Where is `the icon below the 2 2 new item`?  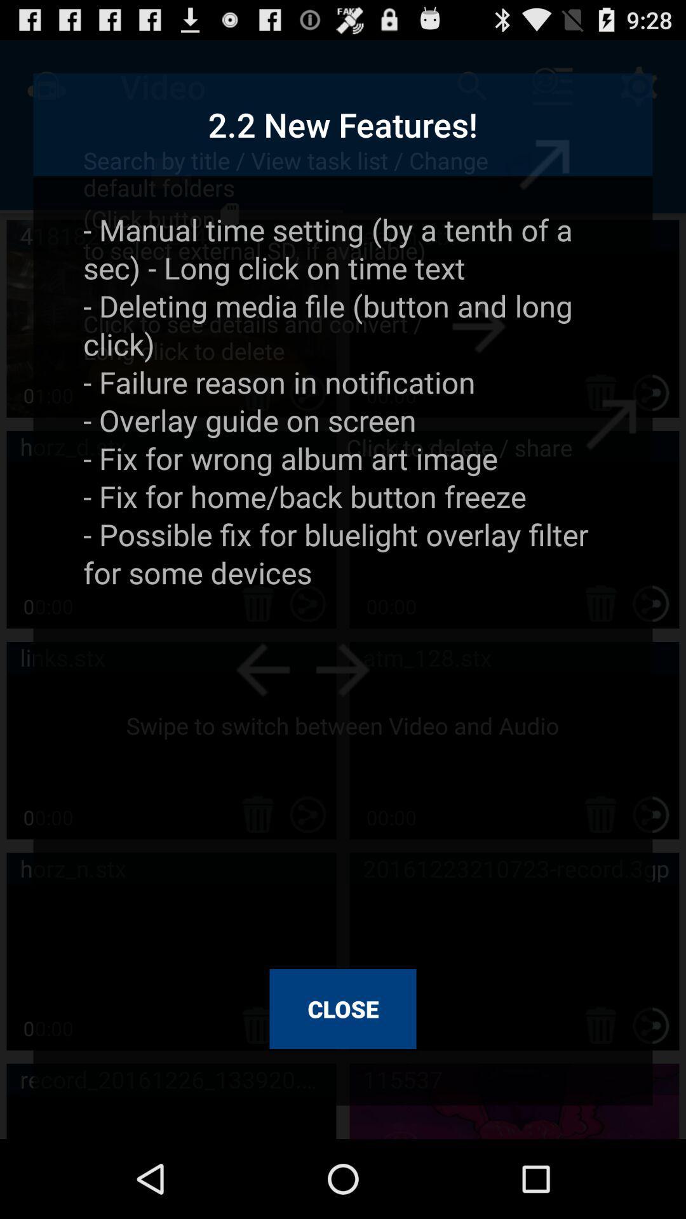
the icon below the 2 2 new item is located at coordinates (343, 580).